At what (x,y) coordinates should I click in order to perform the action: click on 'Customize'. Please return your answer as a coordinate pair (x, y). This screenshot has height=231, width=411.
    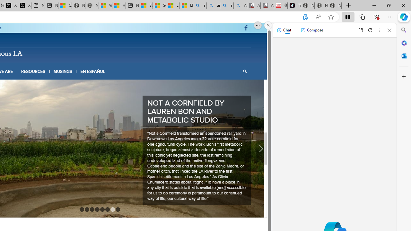
    Looking at the image, I should click on (404, 76).